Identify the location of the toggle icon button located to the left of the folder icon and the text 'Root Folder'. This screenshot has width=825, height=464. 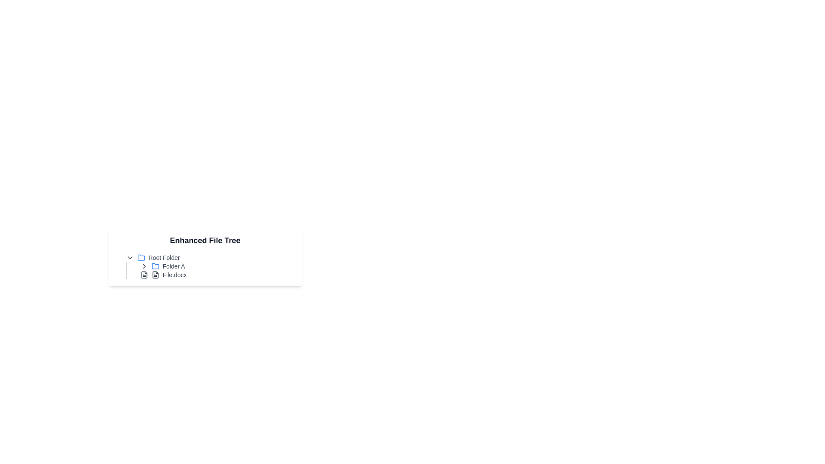
(129, 257).